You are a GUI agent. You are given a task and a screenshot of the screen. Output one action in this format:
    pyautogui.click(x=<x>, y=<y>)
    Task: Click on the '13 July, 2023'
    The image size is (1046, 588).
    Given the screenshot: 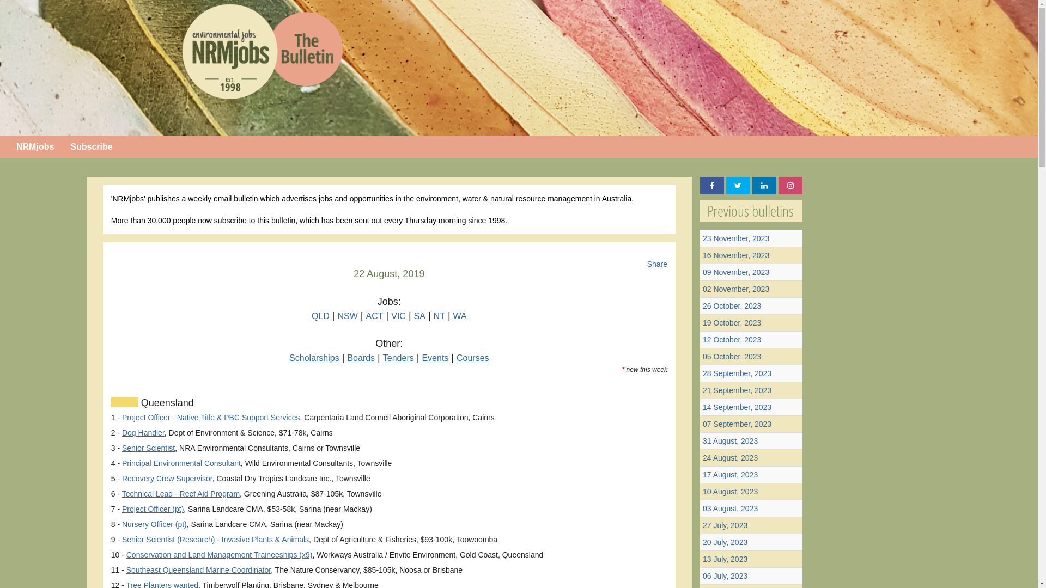 What is the action you would take?
    pyautogui.click(x=725, y=559)
    